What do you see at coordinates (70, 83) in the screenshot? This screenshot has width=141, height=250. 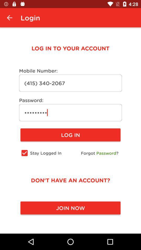 I see `the text field below mobile number` at bounding box center [70, 83].